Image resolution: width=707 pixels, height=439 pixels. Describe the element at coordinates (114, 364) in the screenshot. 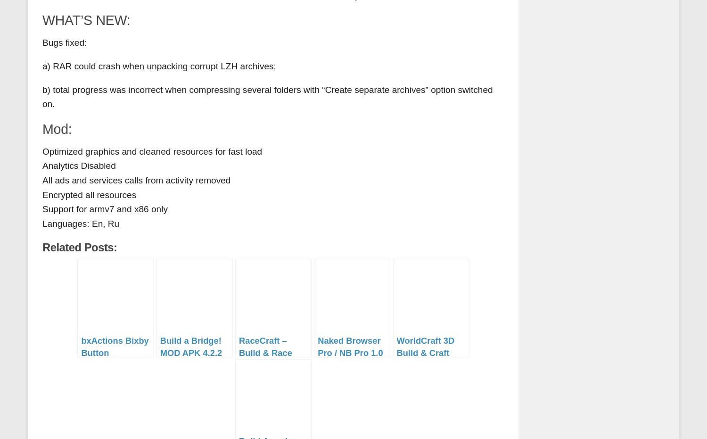

I see `'bxActions Bixby Button Remapper 6.05 build 370 Apk (Pro) Android'` at that location.